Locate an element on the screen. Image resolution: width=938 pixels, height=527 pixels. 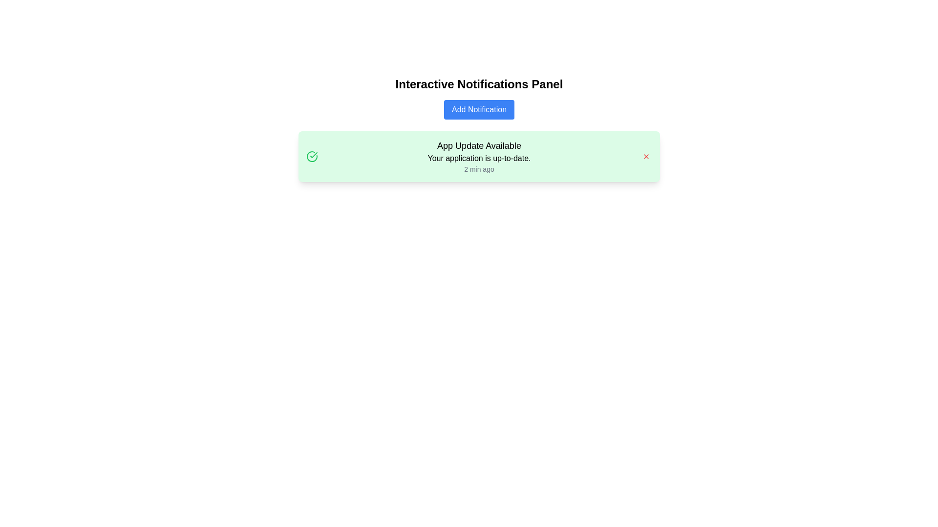
the text label stating 'Your application is up-to-date.' within the notification card, positioned below the title 'App Update Available' is located at coordinates (479, 158).